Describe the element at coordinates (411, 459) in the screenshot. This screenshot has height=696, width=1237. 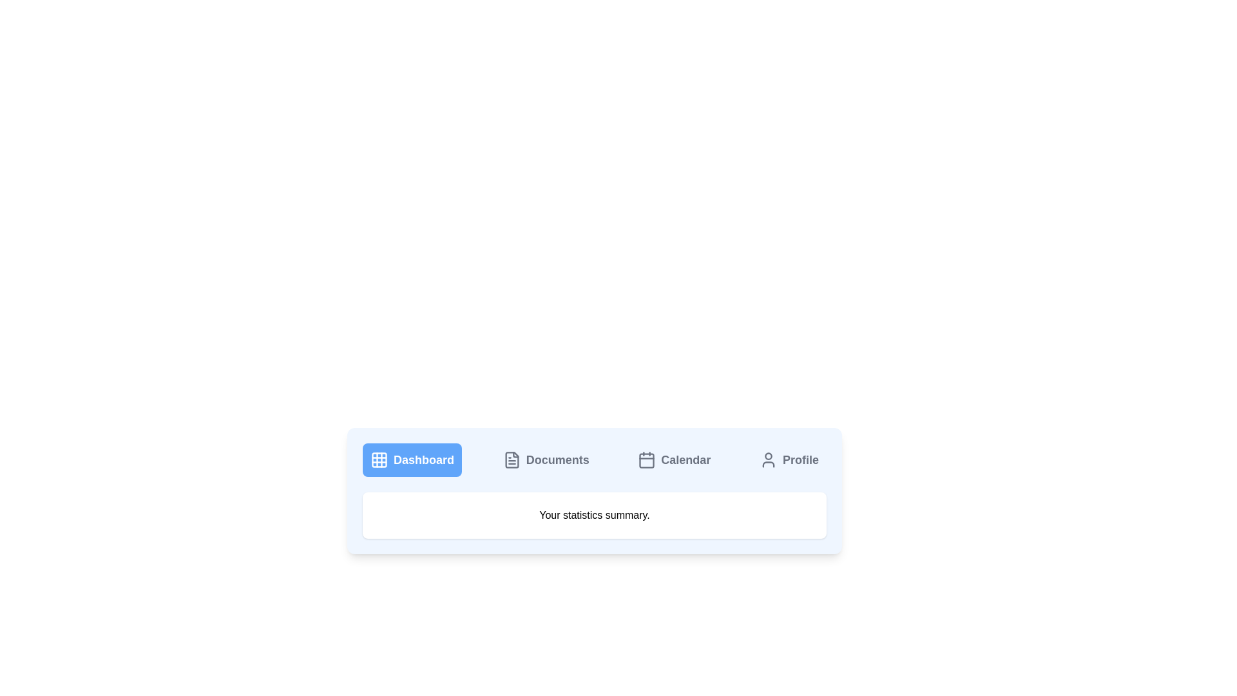
I see `the navigational button located at the left of 'Documents', 'Calendar', and 'Profile'` at that location.